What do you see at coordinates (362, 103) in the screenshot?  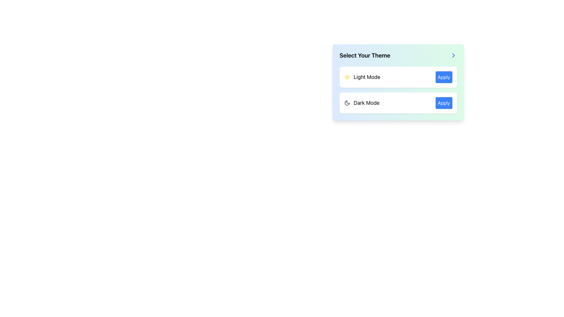 I see `the 'Dark Mode' Label with Icon, which features a crescent moon icon and is positioned below the 'Light Mode' element` at bounding box center [362, 103].